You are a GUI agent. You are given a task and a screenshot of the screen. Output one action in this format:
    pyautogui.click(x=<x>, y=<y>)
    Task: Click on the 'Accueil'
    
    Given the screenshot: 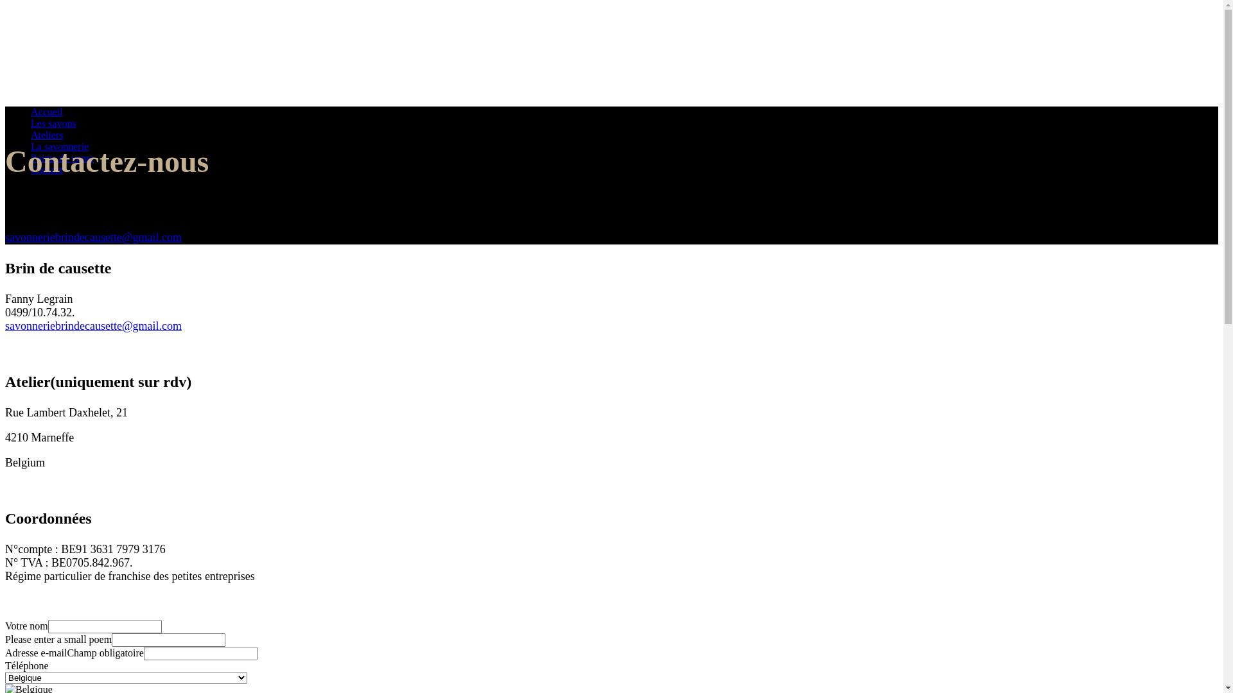 What is the action you would take?
    pyautogui.click(x=46, y=111)
    